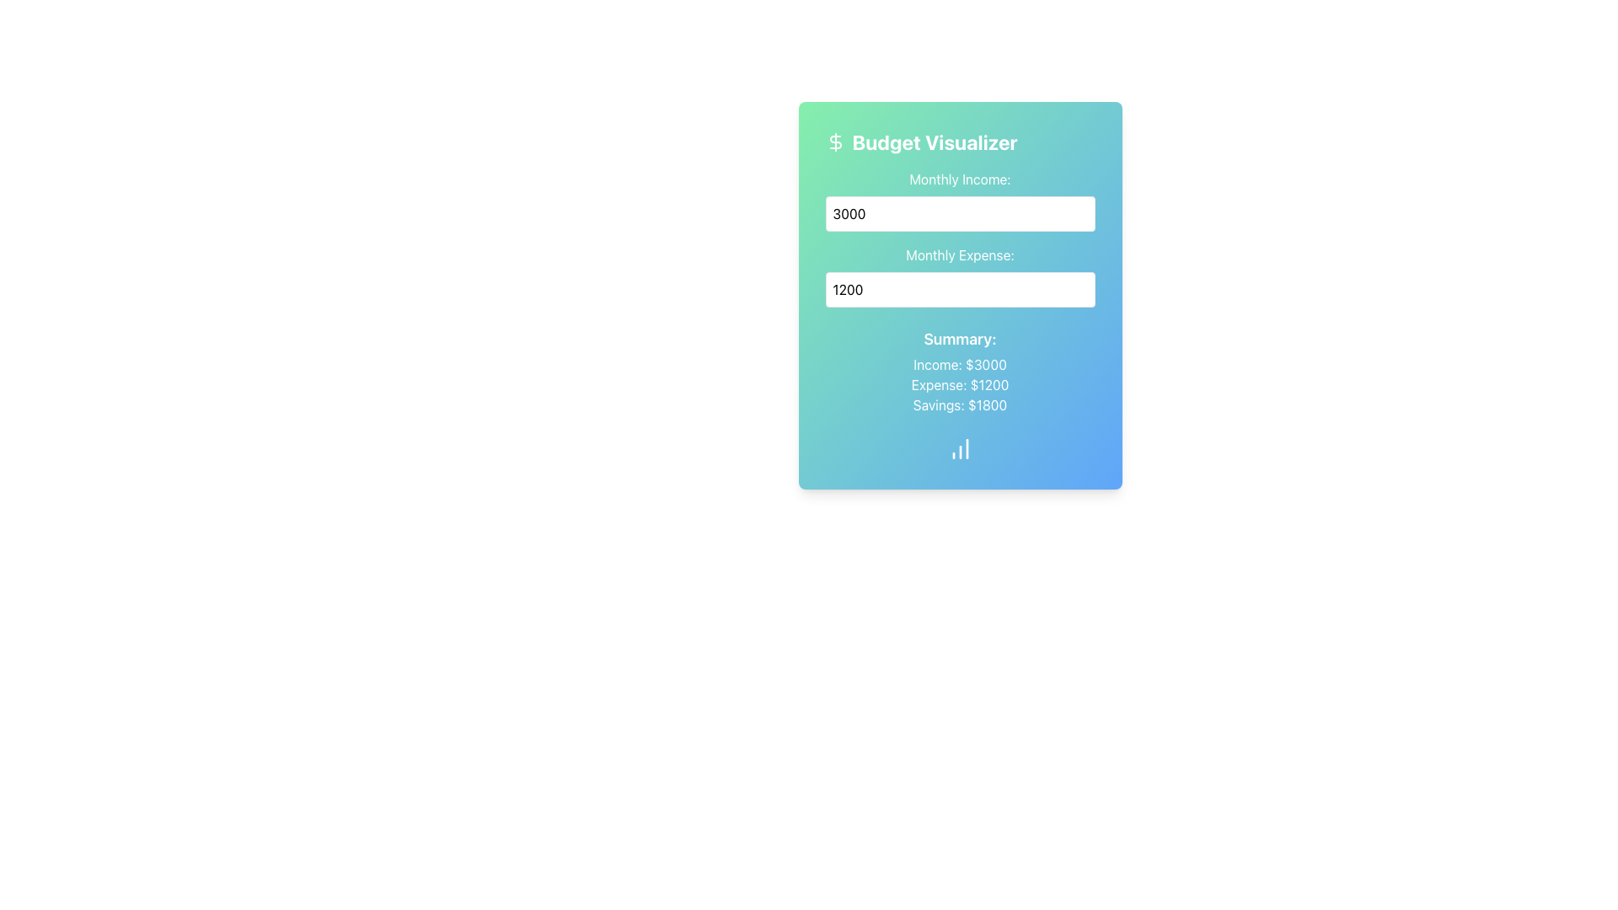  I want to click on the statistics icon located centrally at the bottom of the 'Budget Visualizer' card, which serves as a visual representation of data or summary insights, so click(960, 447).